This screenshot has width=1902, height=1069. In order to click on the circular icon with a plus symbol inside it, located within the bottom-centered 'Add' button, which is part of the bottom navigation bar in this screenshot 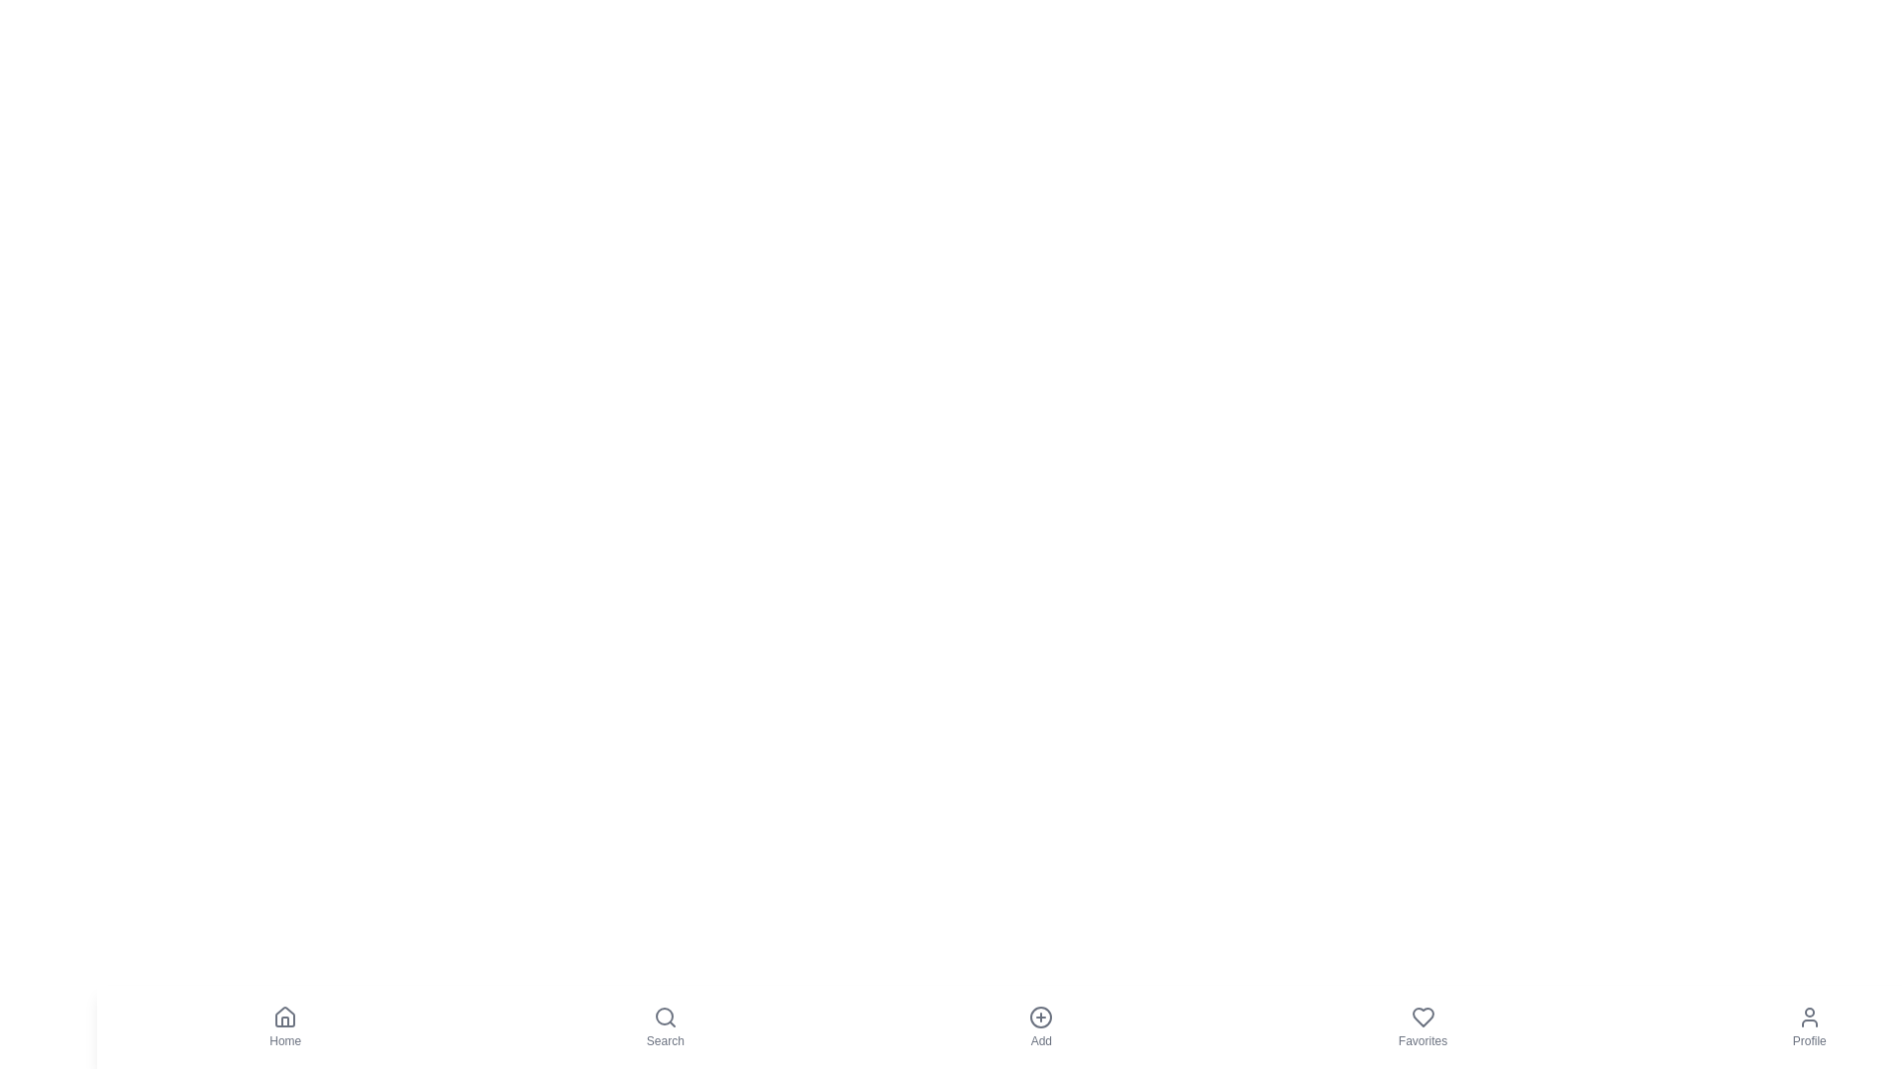, I will do `click(1040, 1018)`.